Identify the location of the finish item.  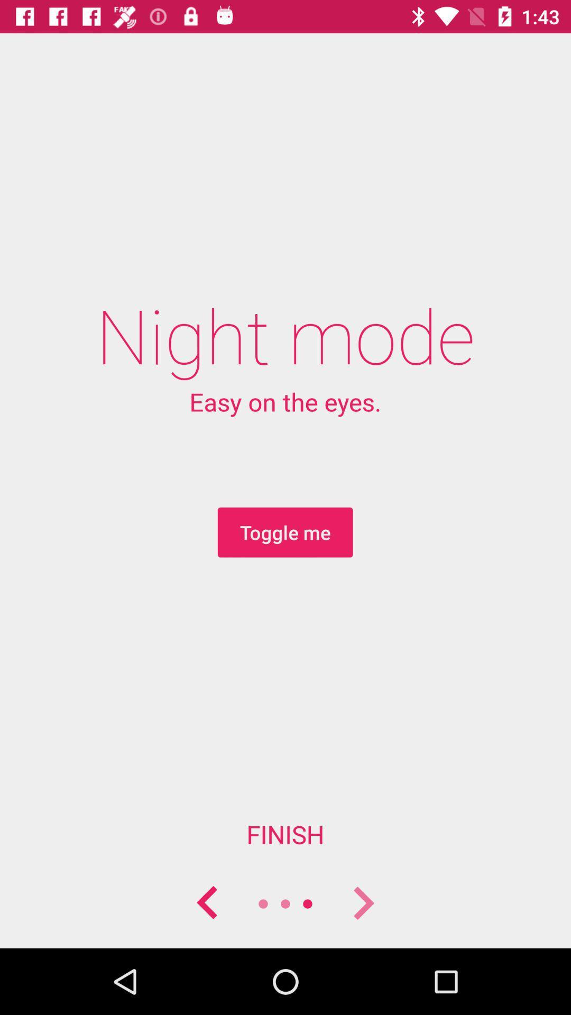
(285, 834).